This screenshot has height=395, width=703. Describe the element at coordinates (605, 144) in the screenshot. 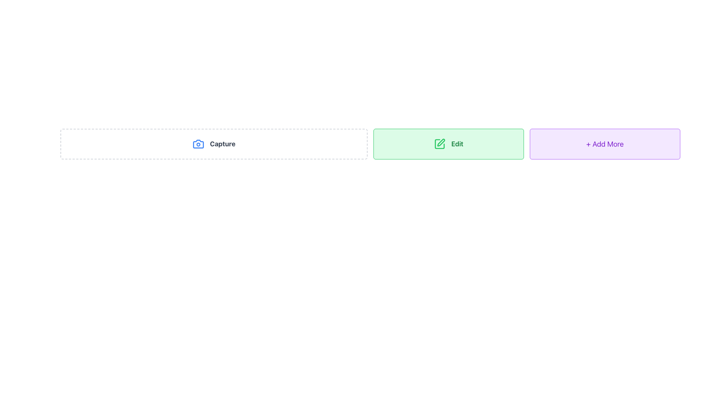

I see `the '+ Add More' button, the third button in a horizontal group of three buttons labeled 'Capture', 'Edit', and '+ Add More', to trigger any hover effects present` at that location.